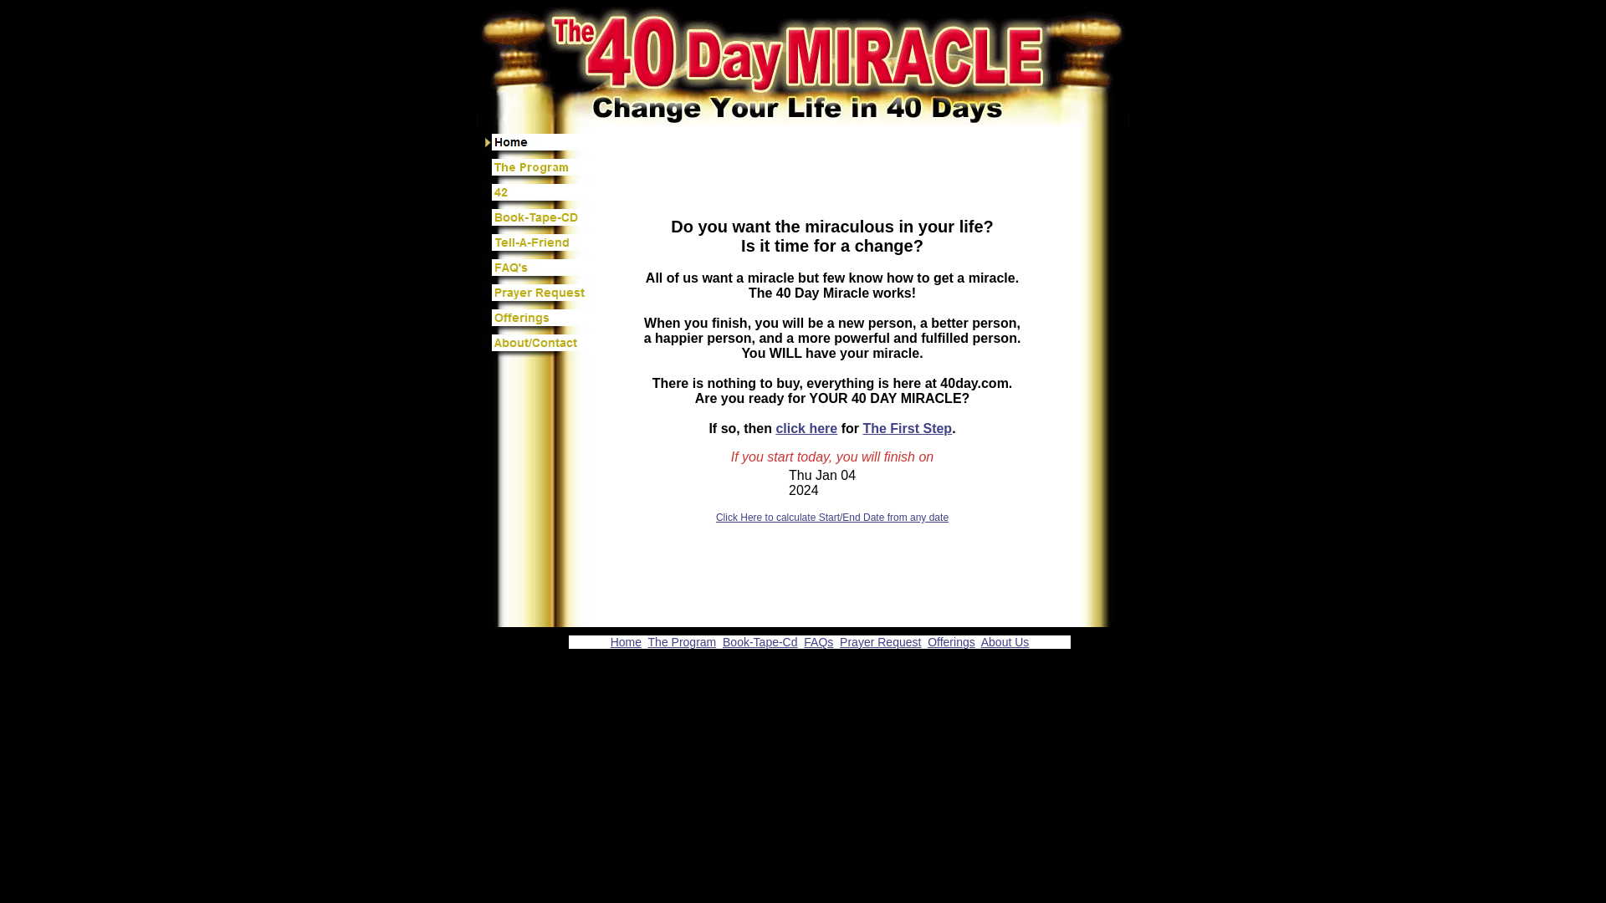  What do you see at coordinates (831, 515) in the screenshot?
I see `'Click Here to calculate Start/End Date from any date'` at bounding box center [831, 515].